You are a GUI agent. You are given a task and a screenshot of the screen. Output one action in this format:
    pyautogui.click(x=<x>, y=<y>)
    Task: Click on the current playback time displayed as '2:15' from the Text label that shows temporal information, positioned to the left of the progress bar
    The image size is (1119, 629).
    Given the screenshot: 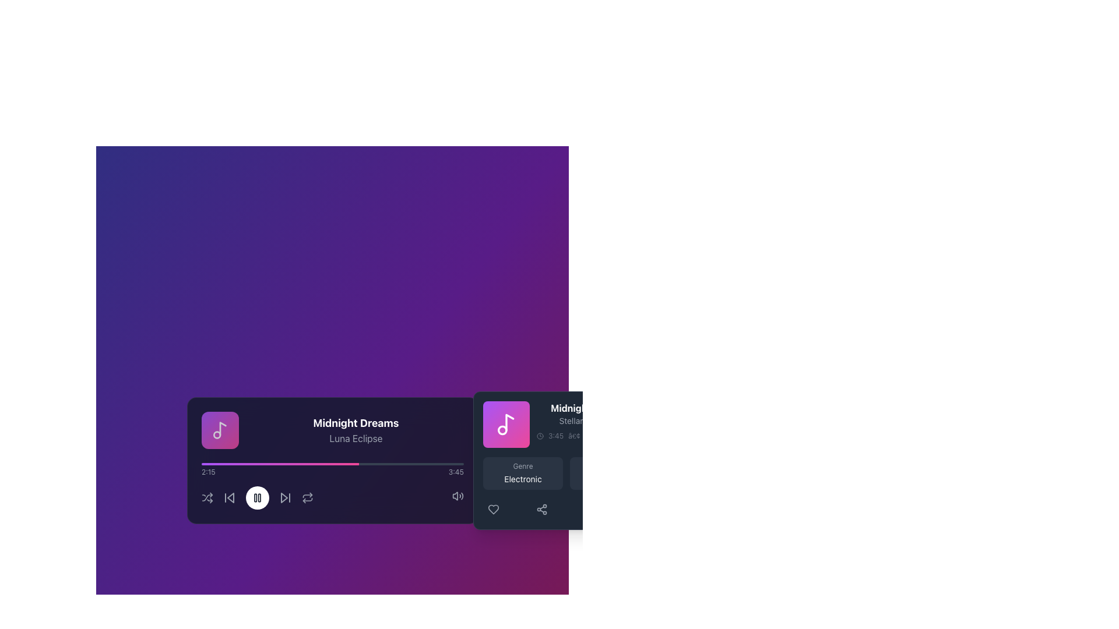 What is the action you would take?
    pyautogui.click(x=208, y=472)
    